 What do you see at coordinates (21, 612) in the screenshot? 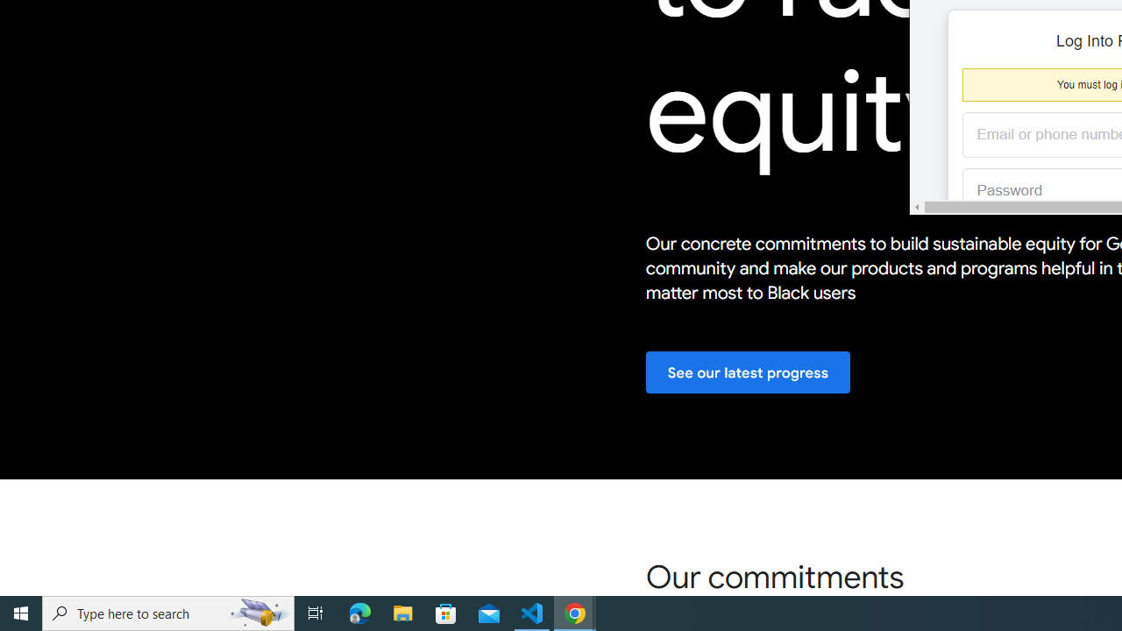
I see `'Start'` at bounding box center [21, 612].